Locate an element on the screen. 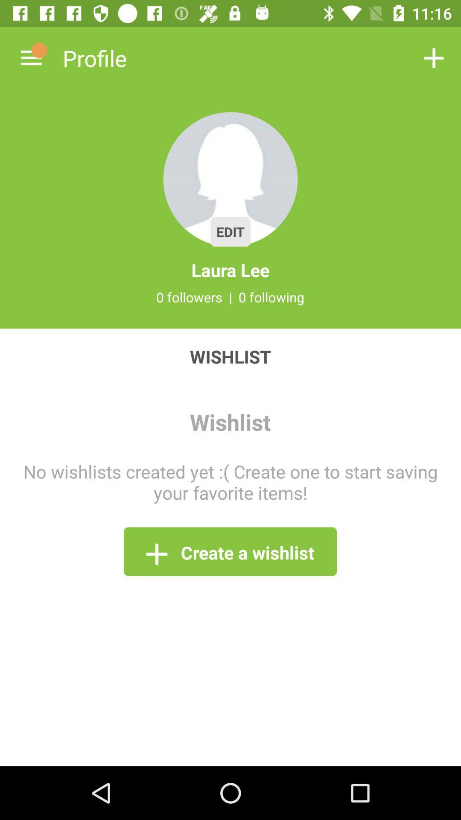  item above wishlist item is located at coordinates (271, 297).